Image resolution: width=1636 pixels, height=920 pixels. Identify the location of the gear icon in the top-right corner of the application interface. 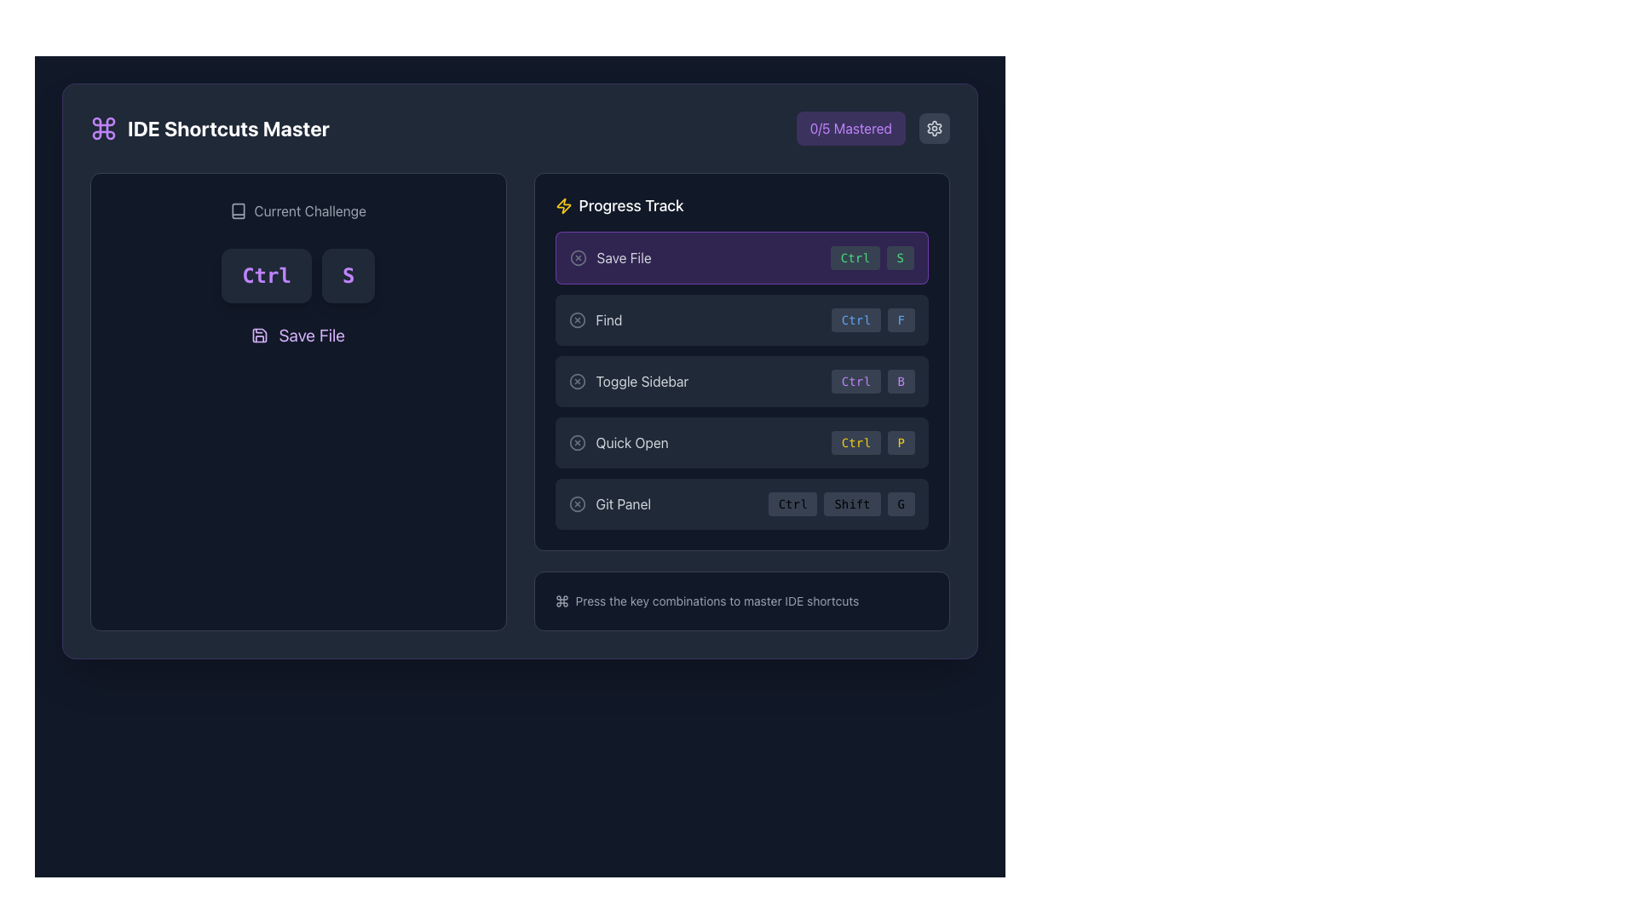
(934, 127).